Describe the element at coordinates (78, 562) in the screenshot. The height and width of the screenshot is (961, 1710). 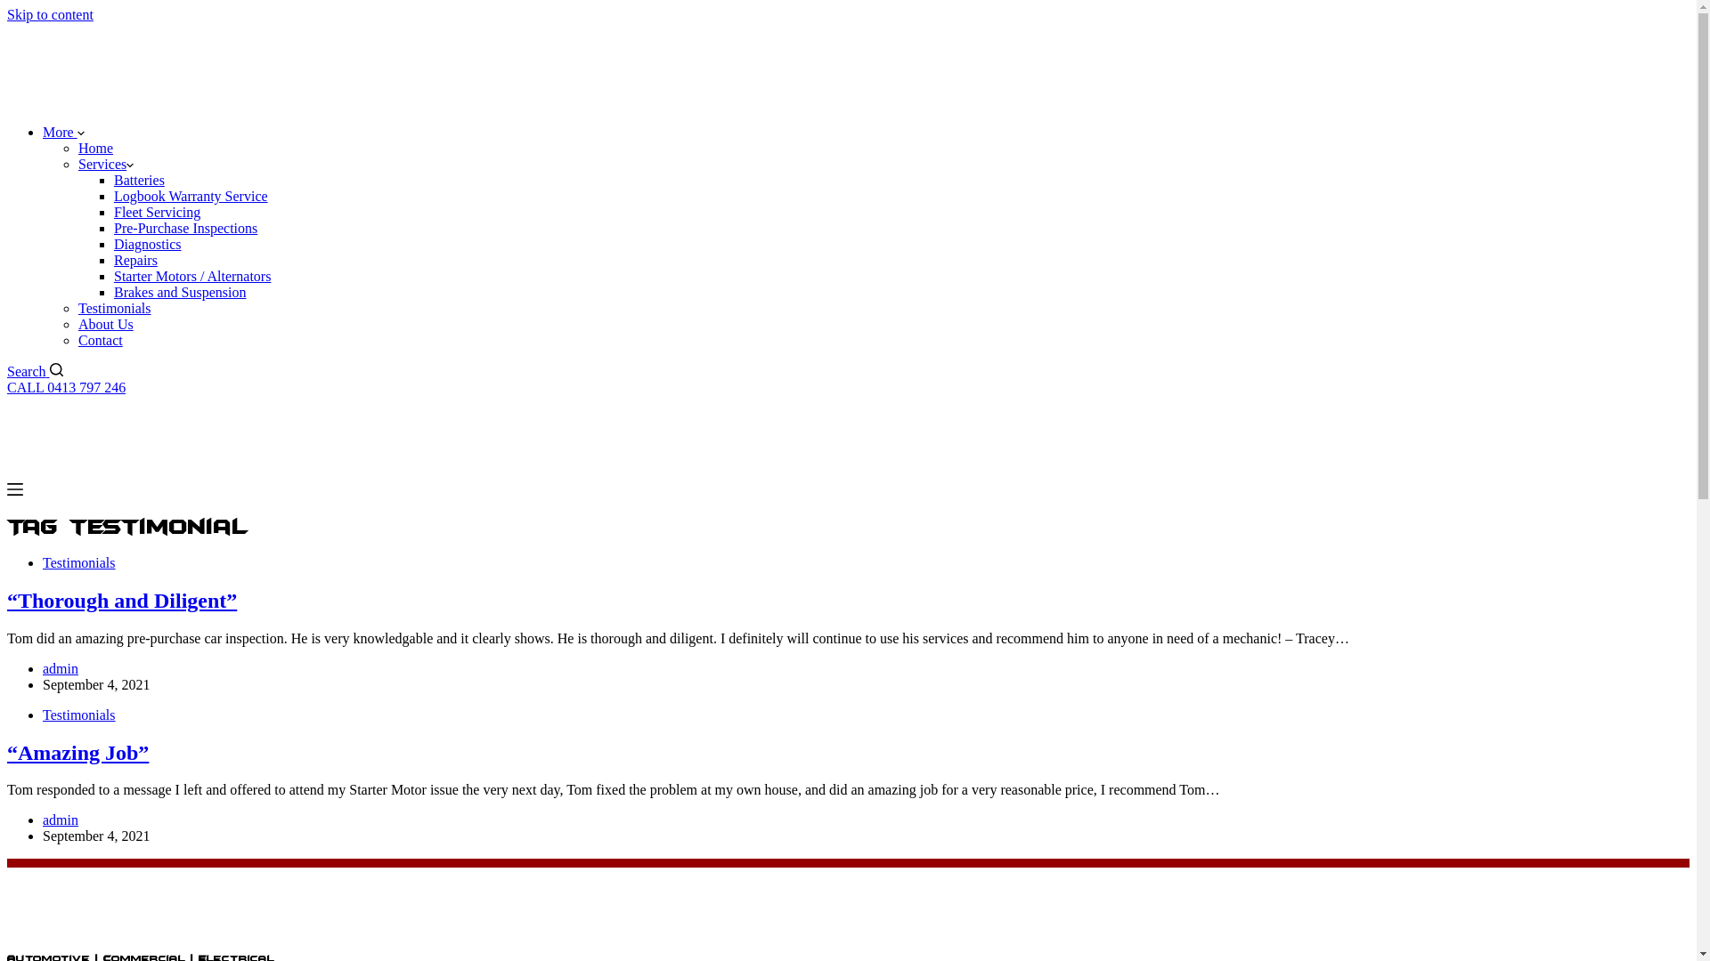
I see `'Testimonials'` at that location.